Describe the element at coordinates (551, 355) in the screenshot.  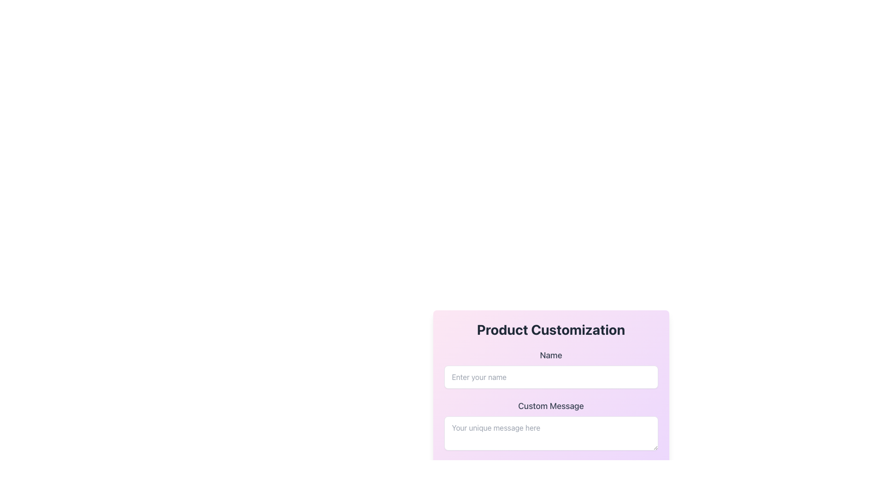
I see `label text that describes the input field for entering the user's name, positioned above the text input field in the 'Product Customization' form` at that location.